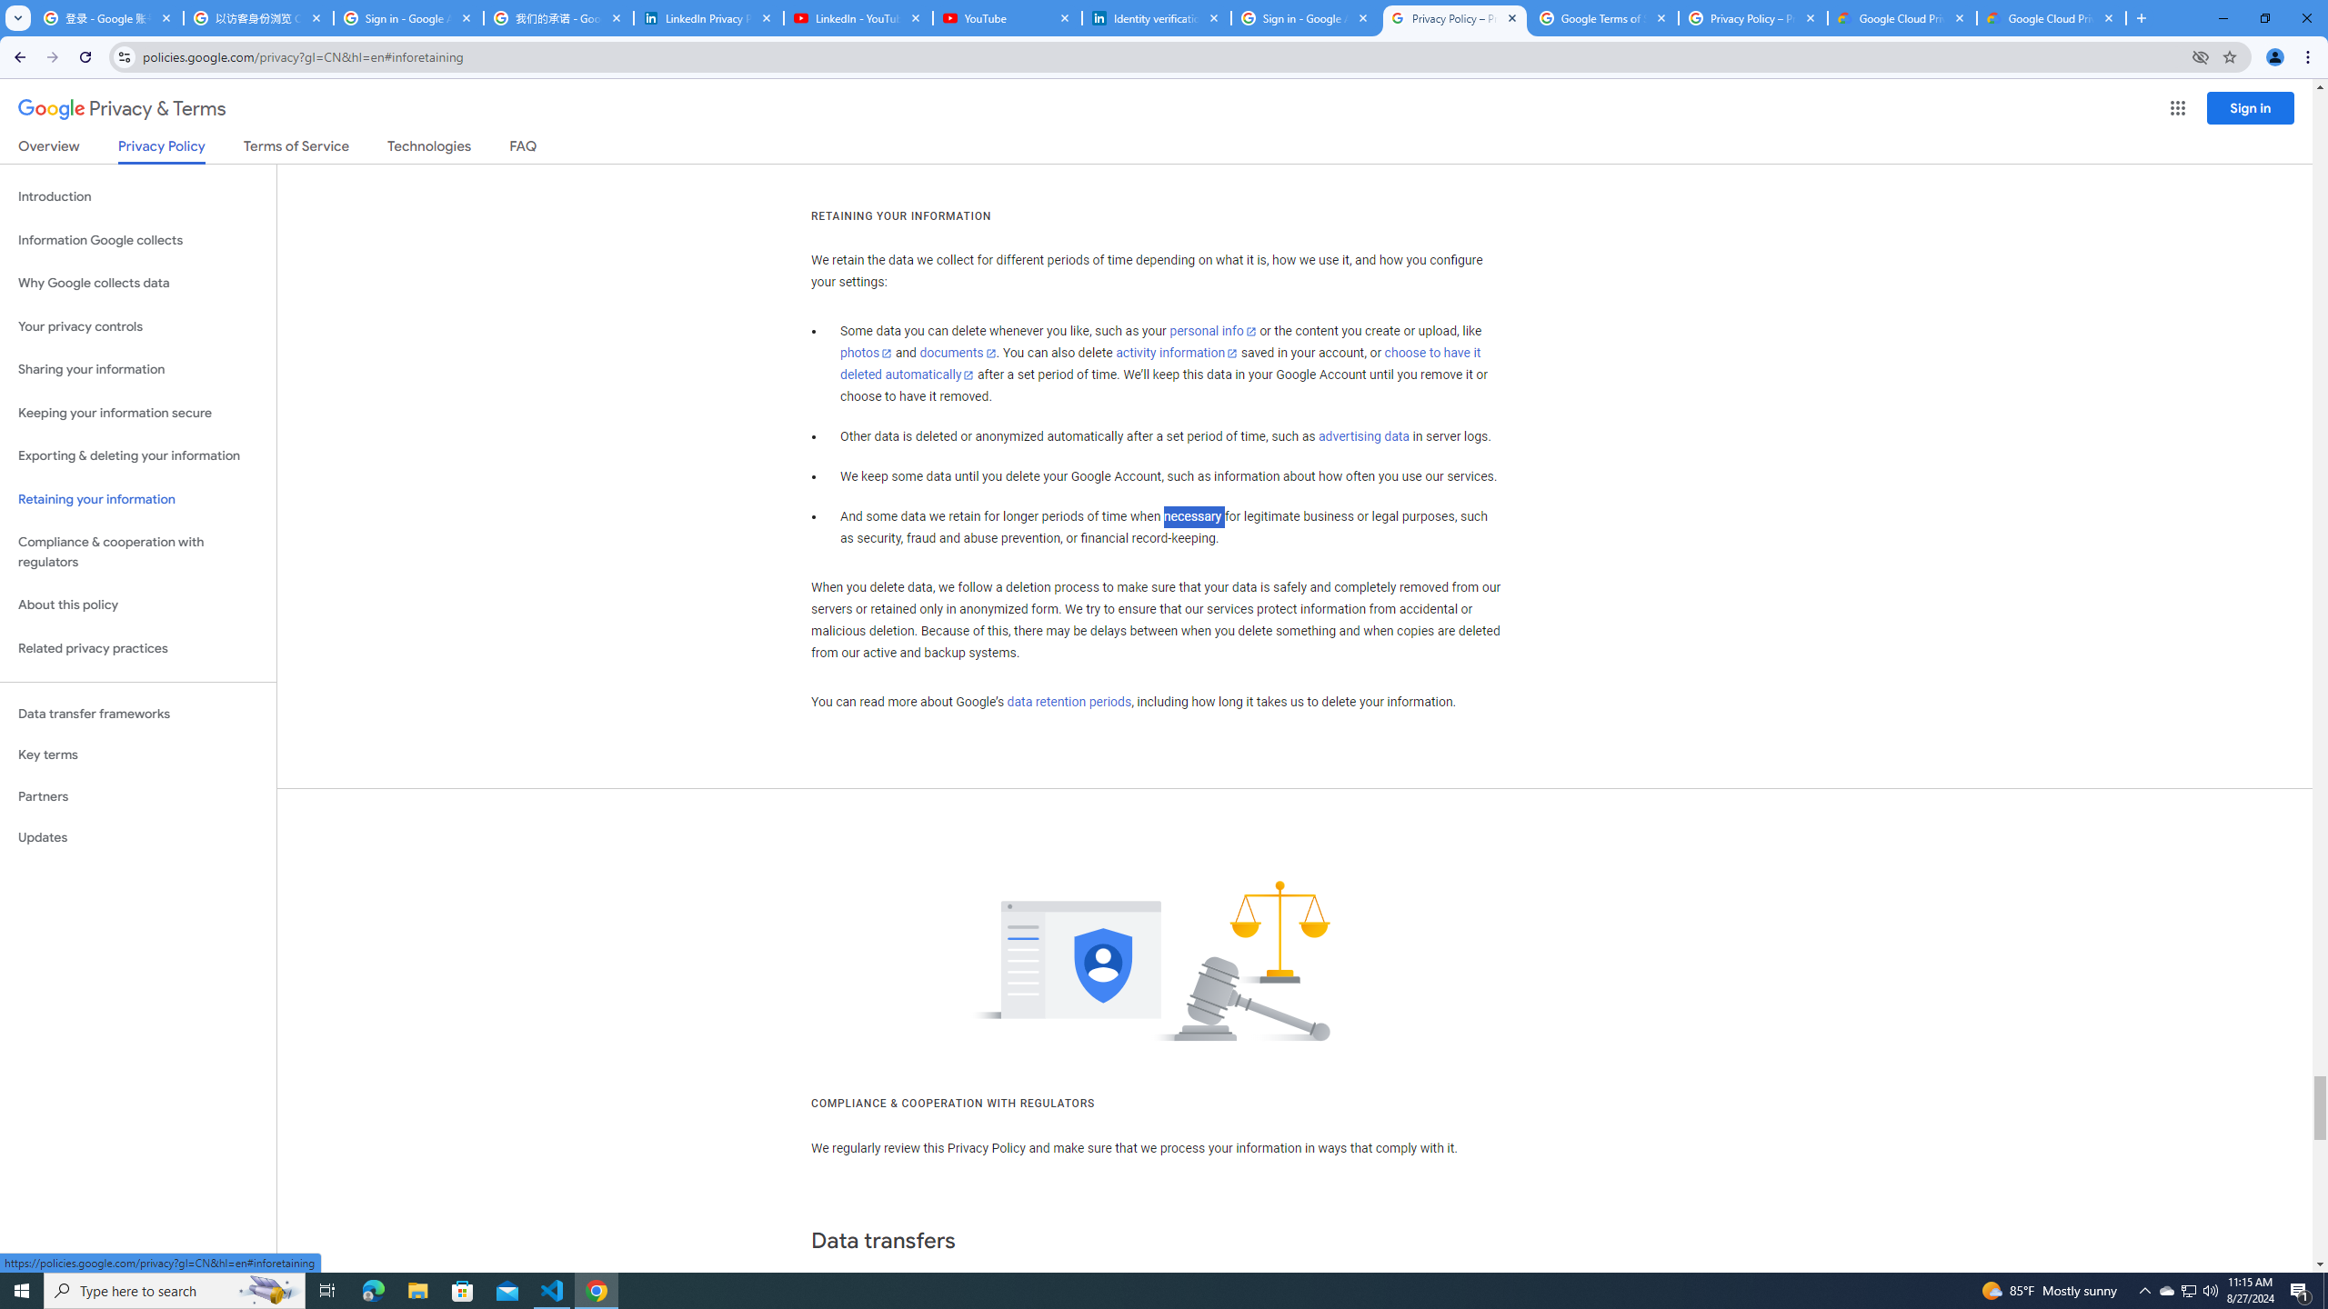 The width and height of the screenshot is (2328, 1309). I want to click on 'Keeping your information secure', so click(137, 414).